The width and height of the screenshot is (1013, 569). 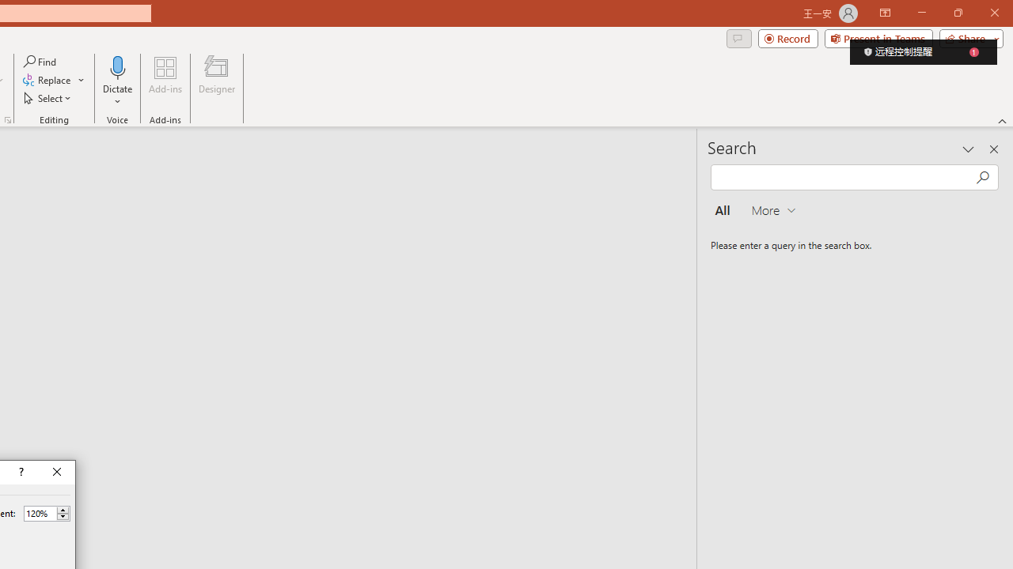 I want to click on 'Percent', so click(x=40, y=513).